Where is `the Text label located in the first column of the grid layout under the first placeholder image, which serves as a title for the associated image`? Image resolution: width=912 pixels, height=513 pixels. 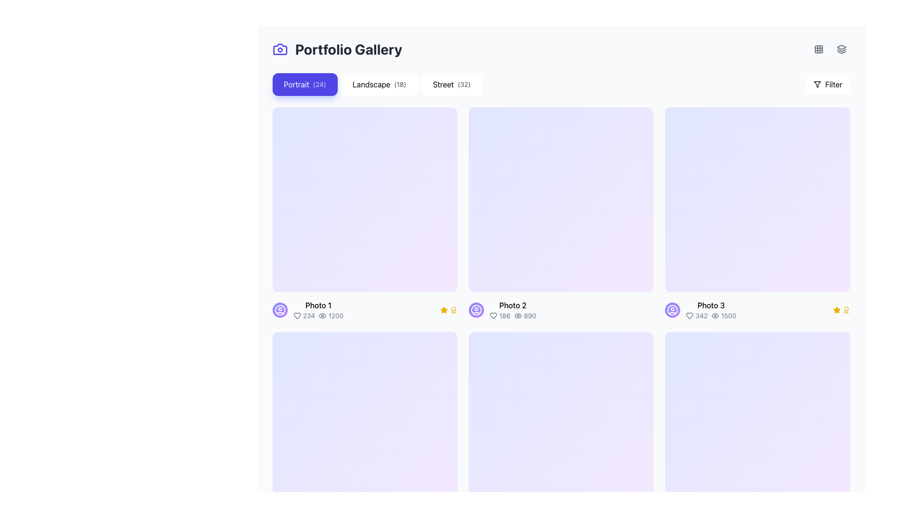 the Text label located in the first column of the grid layout under the first placeholder image, which serves as a title for the associated image is located at coordinates (318, 305).